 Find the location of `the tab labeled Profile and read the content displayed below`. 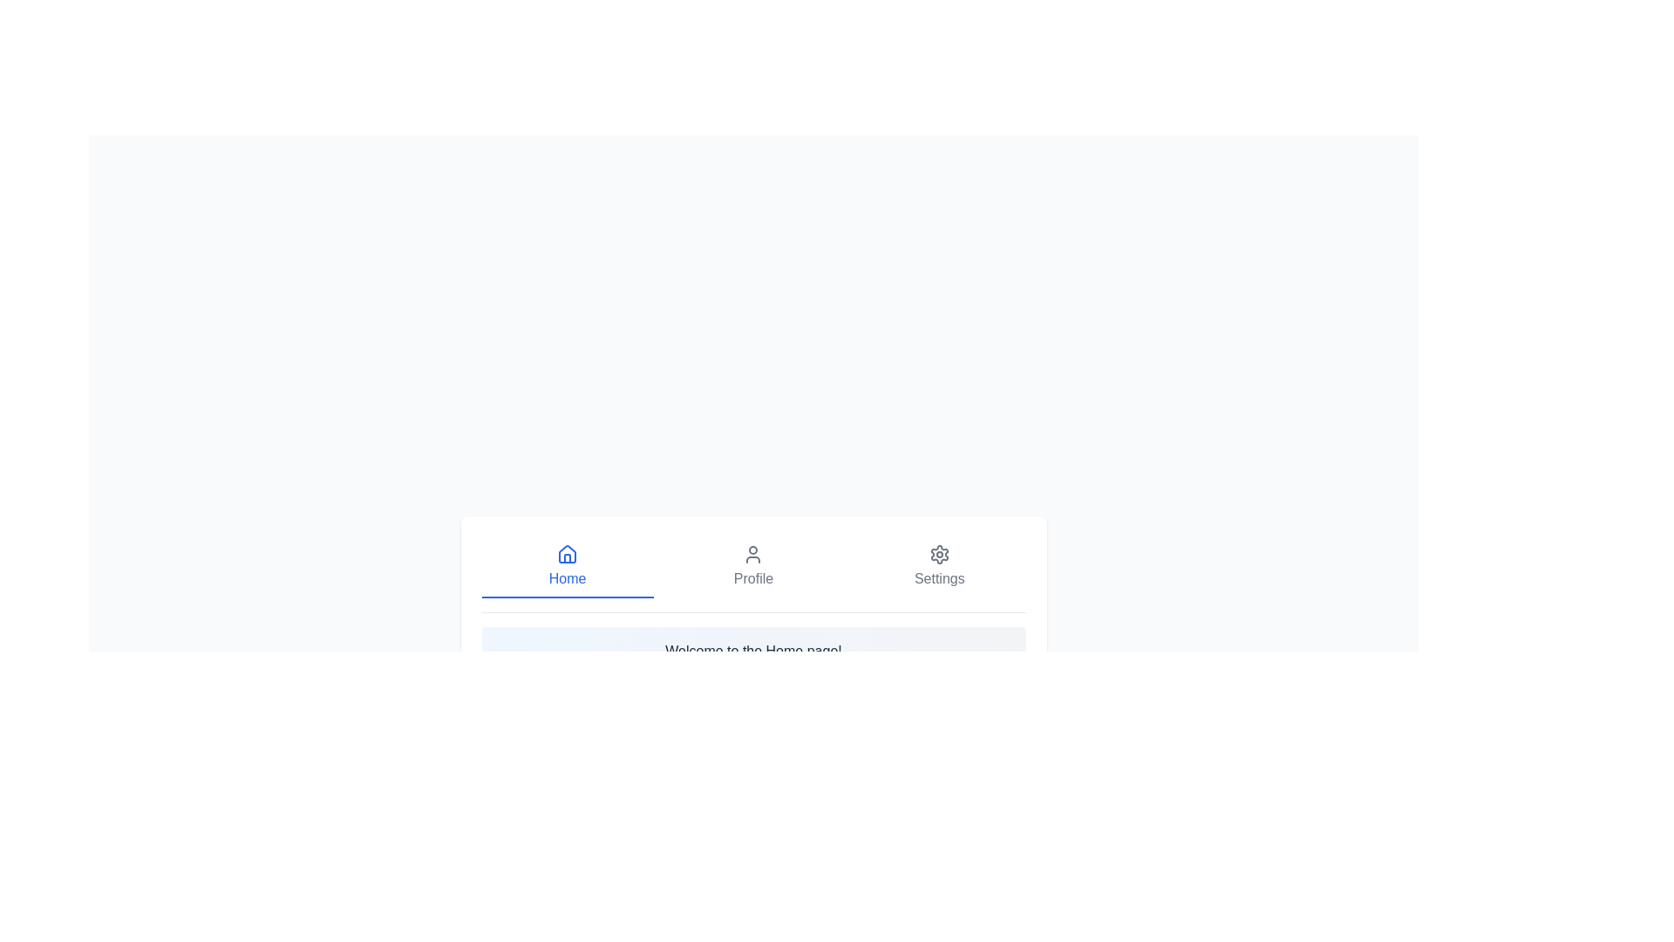

the tab labeled Profile and read the content displayed below is located at coordinates (753, 567).